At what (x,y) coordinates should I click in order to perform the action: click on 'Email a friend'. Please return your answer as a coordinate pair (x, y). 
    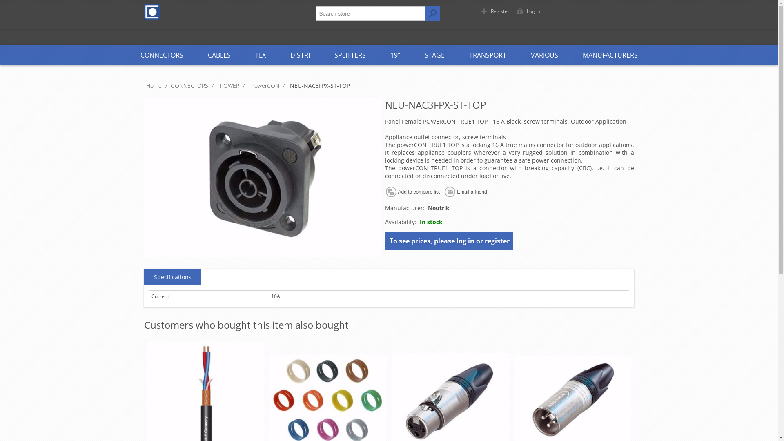
    Looking at the image, I should click on (443, 192).